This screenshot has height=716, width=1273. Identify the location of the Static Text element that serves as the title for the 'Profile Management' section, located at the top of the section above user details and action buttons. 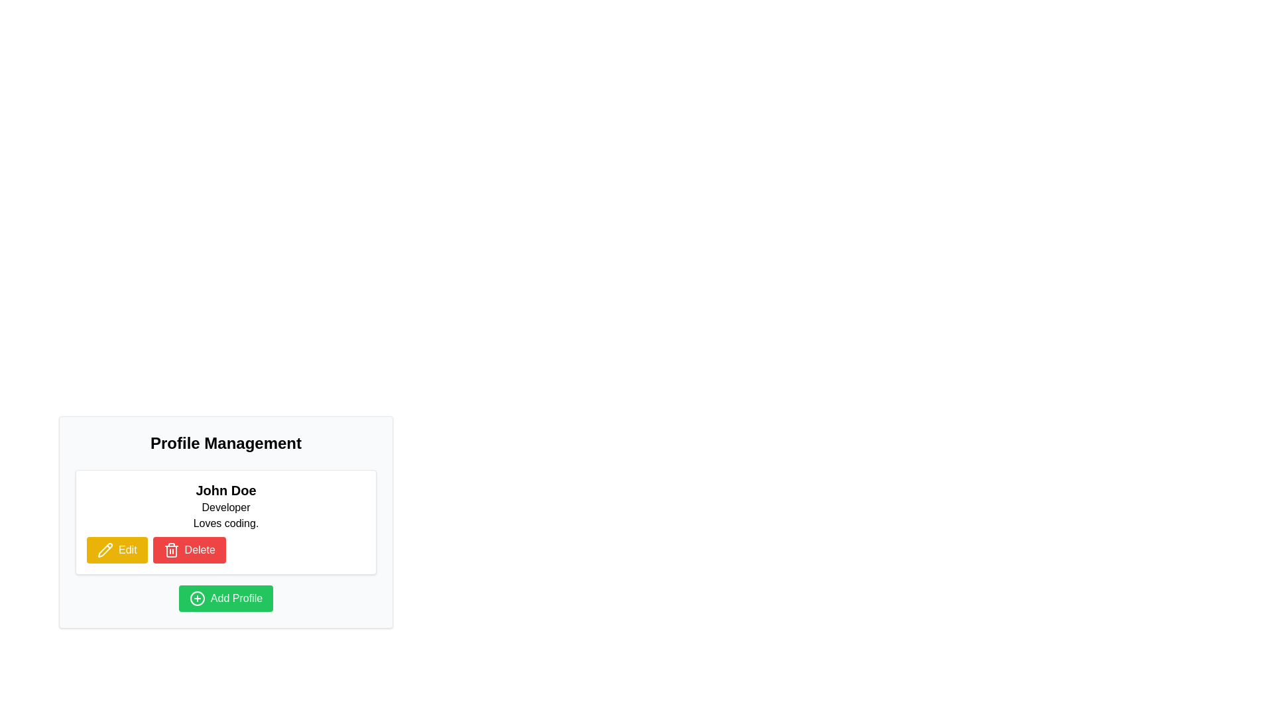
(225, 443).